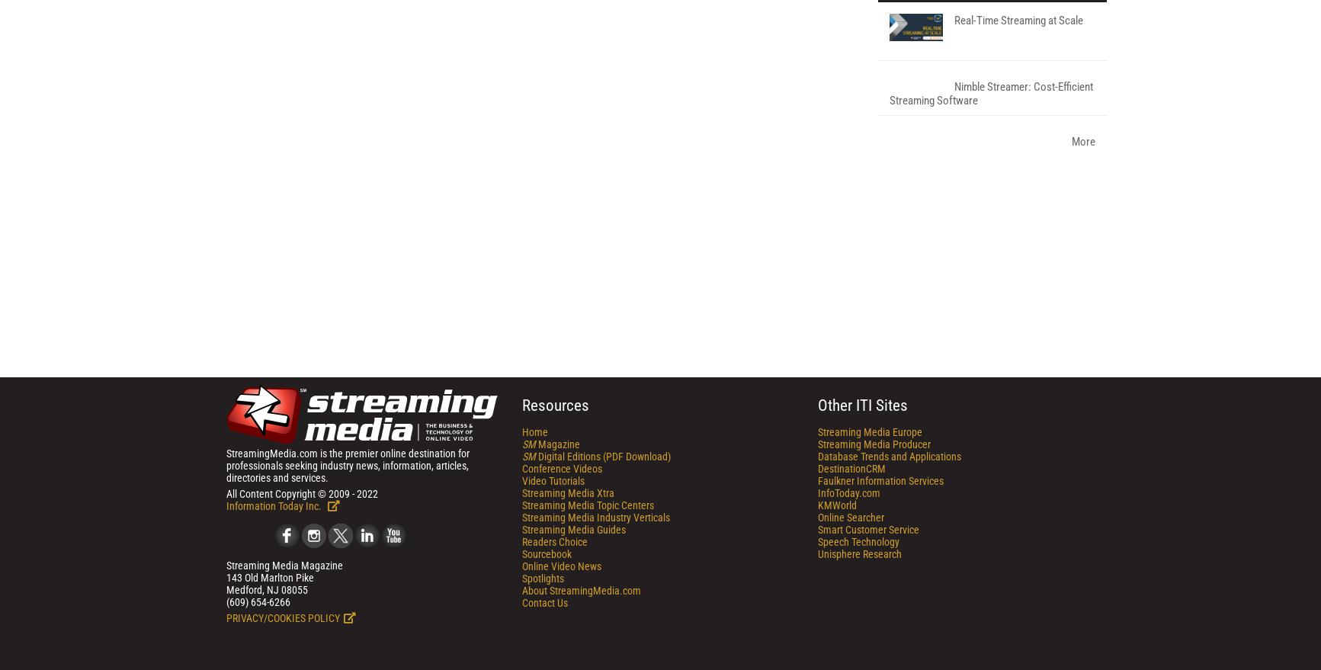 This screenshot has height=670, width=1321. What do you see at coordinates (816, 643) in the screenshot?
I see `'Streaming Media Producer'` at bounding box center [816, 643].